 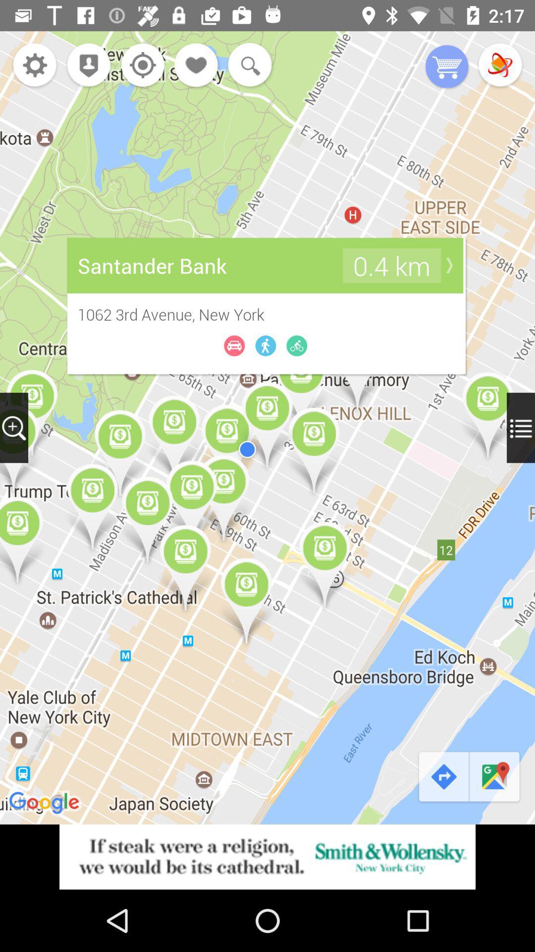 What do you see at coordinates (197, 65) in the screenshot?
I see `choose favourite symbol` at bounding box center [197, 65].